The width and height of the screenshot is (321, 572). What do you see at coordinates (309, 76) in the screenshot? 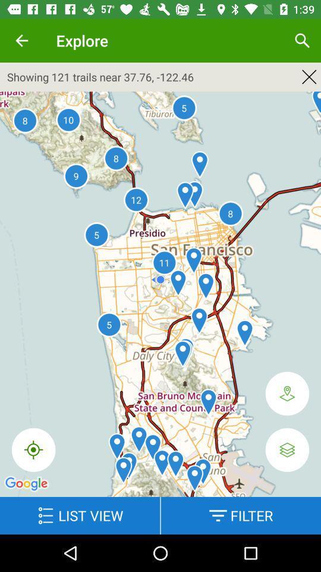
I see `icon to the right of the showing 121 trails` at bounding box center [309, 76].